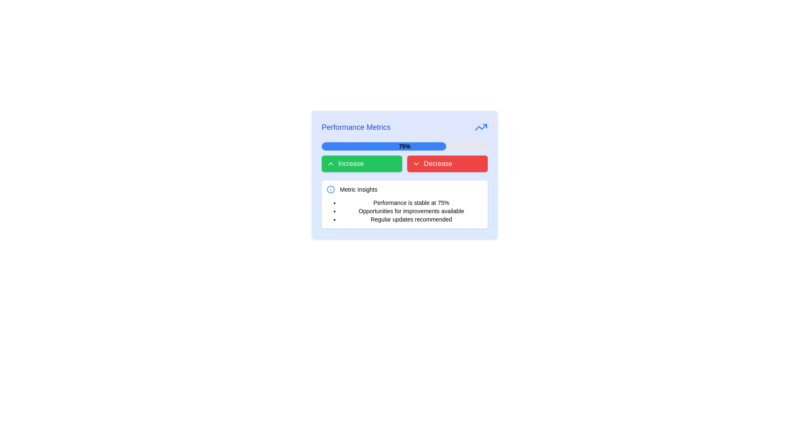 The width and height of the screenshot is (797, 448). Describe the element at coordinates (411, 203) in the screenshot. I see `the first item in the bulleted list under the 'Metric Insights' section, which provides a performance assessment summary` at that location.